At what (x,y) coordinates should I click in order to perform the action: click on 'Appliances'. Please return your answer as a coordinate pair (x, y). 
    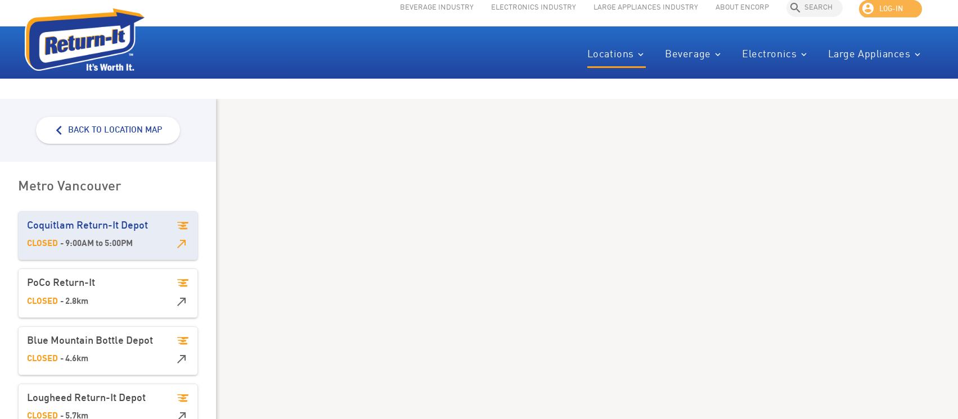
    Looking at the image, I should click on (883, 67).